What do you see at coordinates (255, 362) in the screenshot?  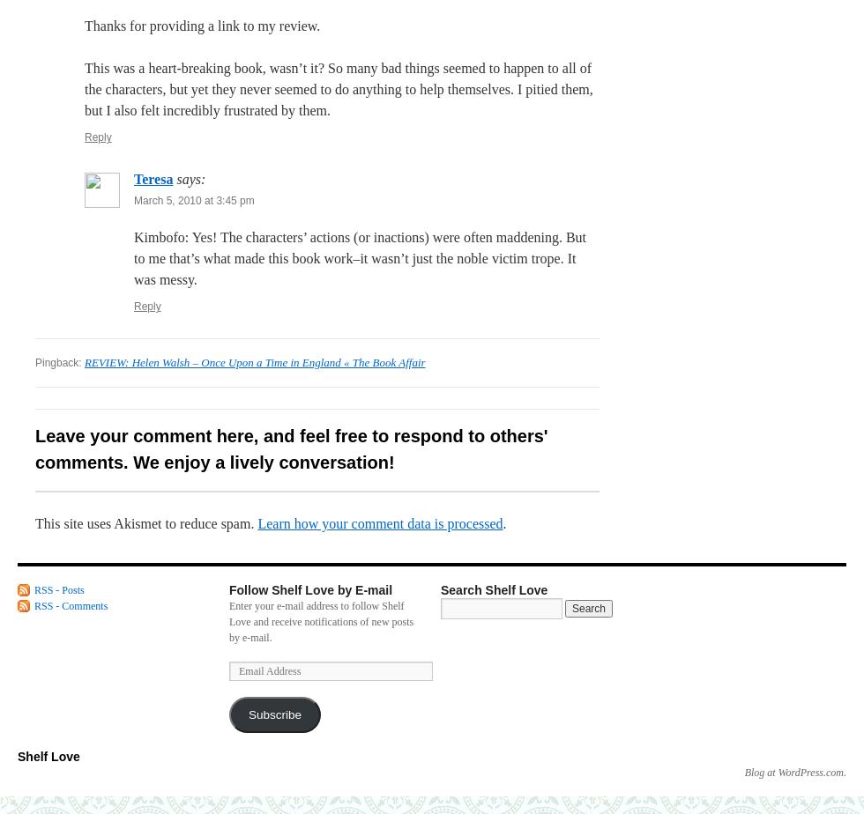 I see `'REVIEW: Helen Walsh – Once Upon a Time in England « The Book Affair'` at bounding box center [255, 362].